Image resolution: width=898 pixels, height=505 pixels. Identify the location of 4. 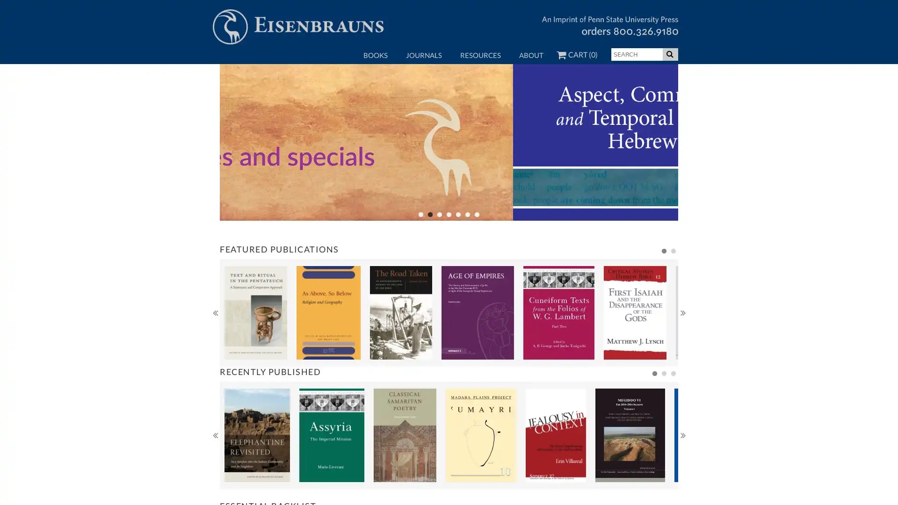
(449, 250).